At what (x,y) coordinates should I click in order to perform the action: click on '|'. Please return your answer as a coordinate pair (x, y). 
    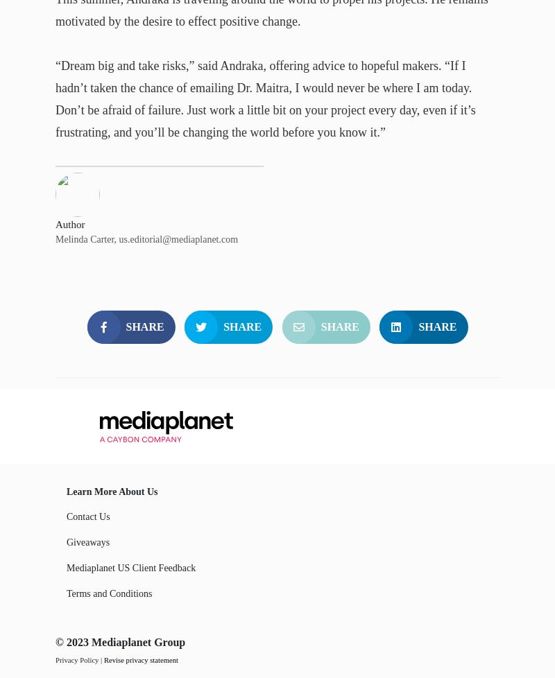
    Looking at the image, I should click on (101, 659).